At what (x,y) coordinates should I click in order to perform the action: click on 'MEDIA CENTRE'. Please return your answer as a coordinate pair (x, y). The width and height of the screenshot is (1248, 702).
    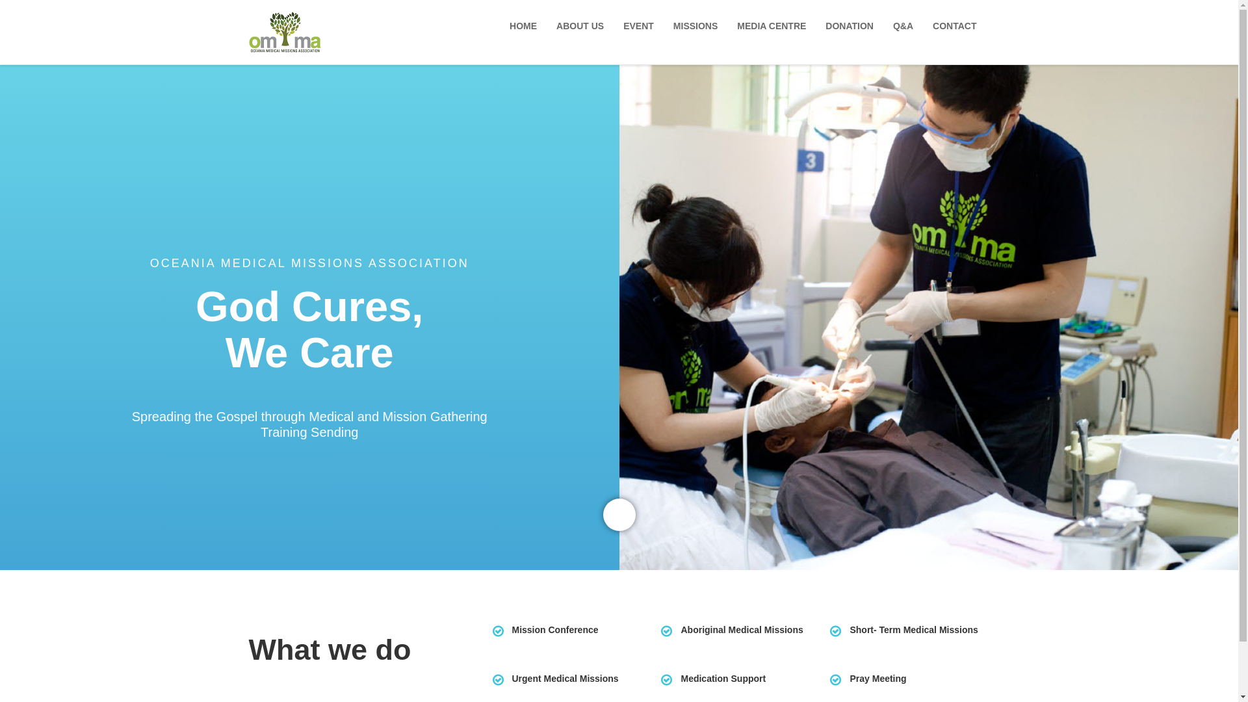
    Looking at the image, I should click on (774, 25).